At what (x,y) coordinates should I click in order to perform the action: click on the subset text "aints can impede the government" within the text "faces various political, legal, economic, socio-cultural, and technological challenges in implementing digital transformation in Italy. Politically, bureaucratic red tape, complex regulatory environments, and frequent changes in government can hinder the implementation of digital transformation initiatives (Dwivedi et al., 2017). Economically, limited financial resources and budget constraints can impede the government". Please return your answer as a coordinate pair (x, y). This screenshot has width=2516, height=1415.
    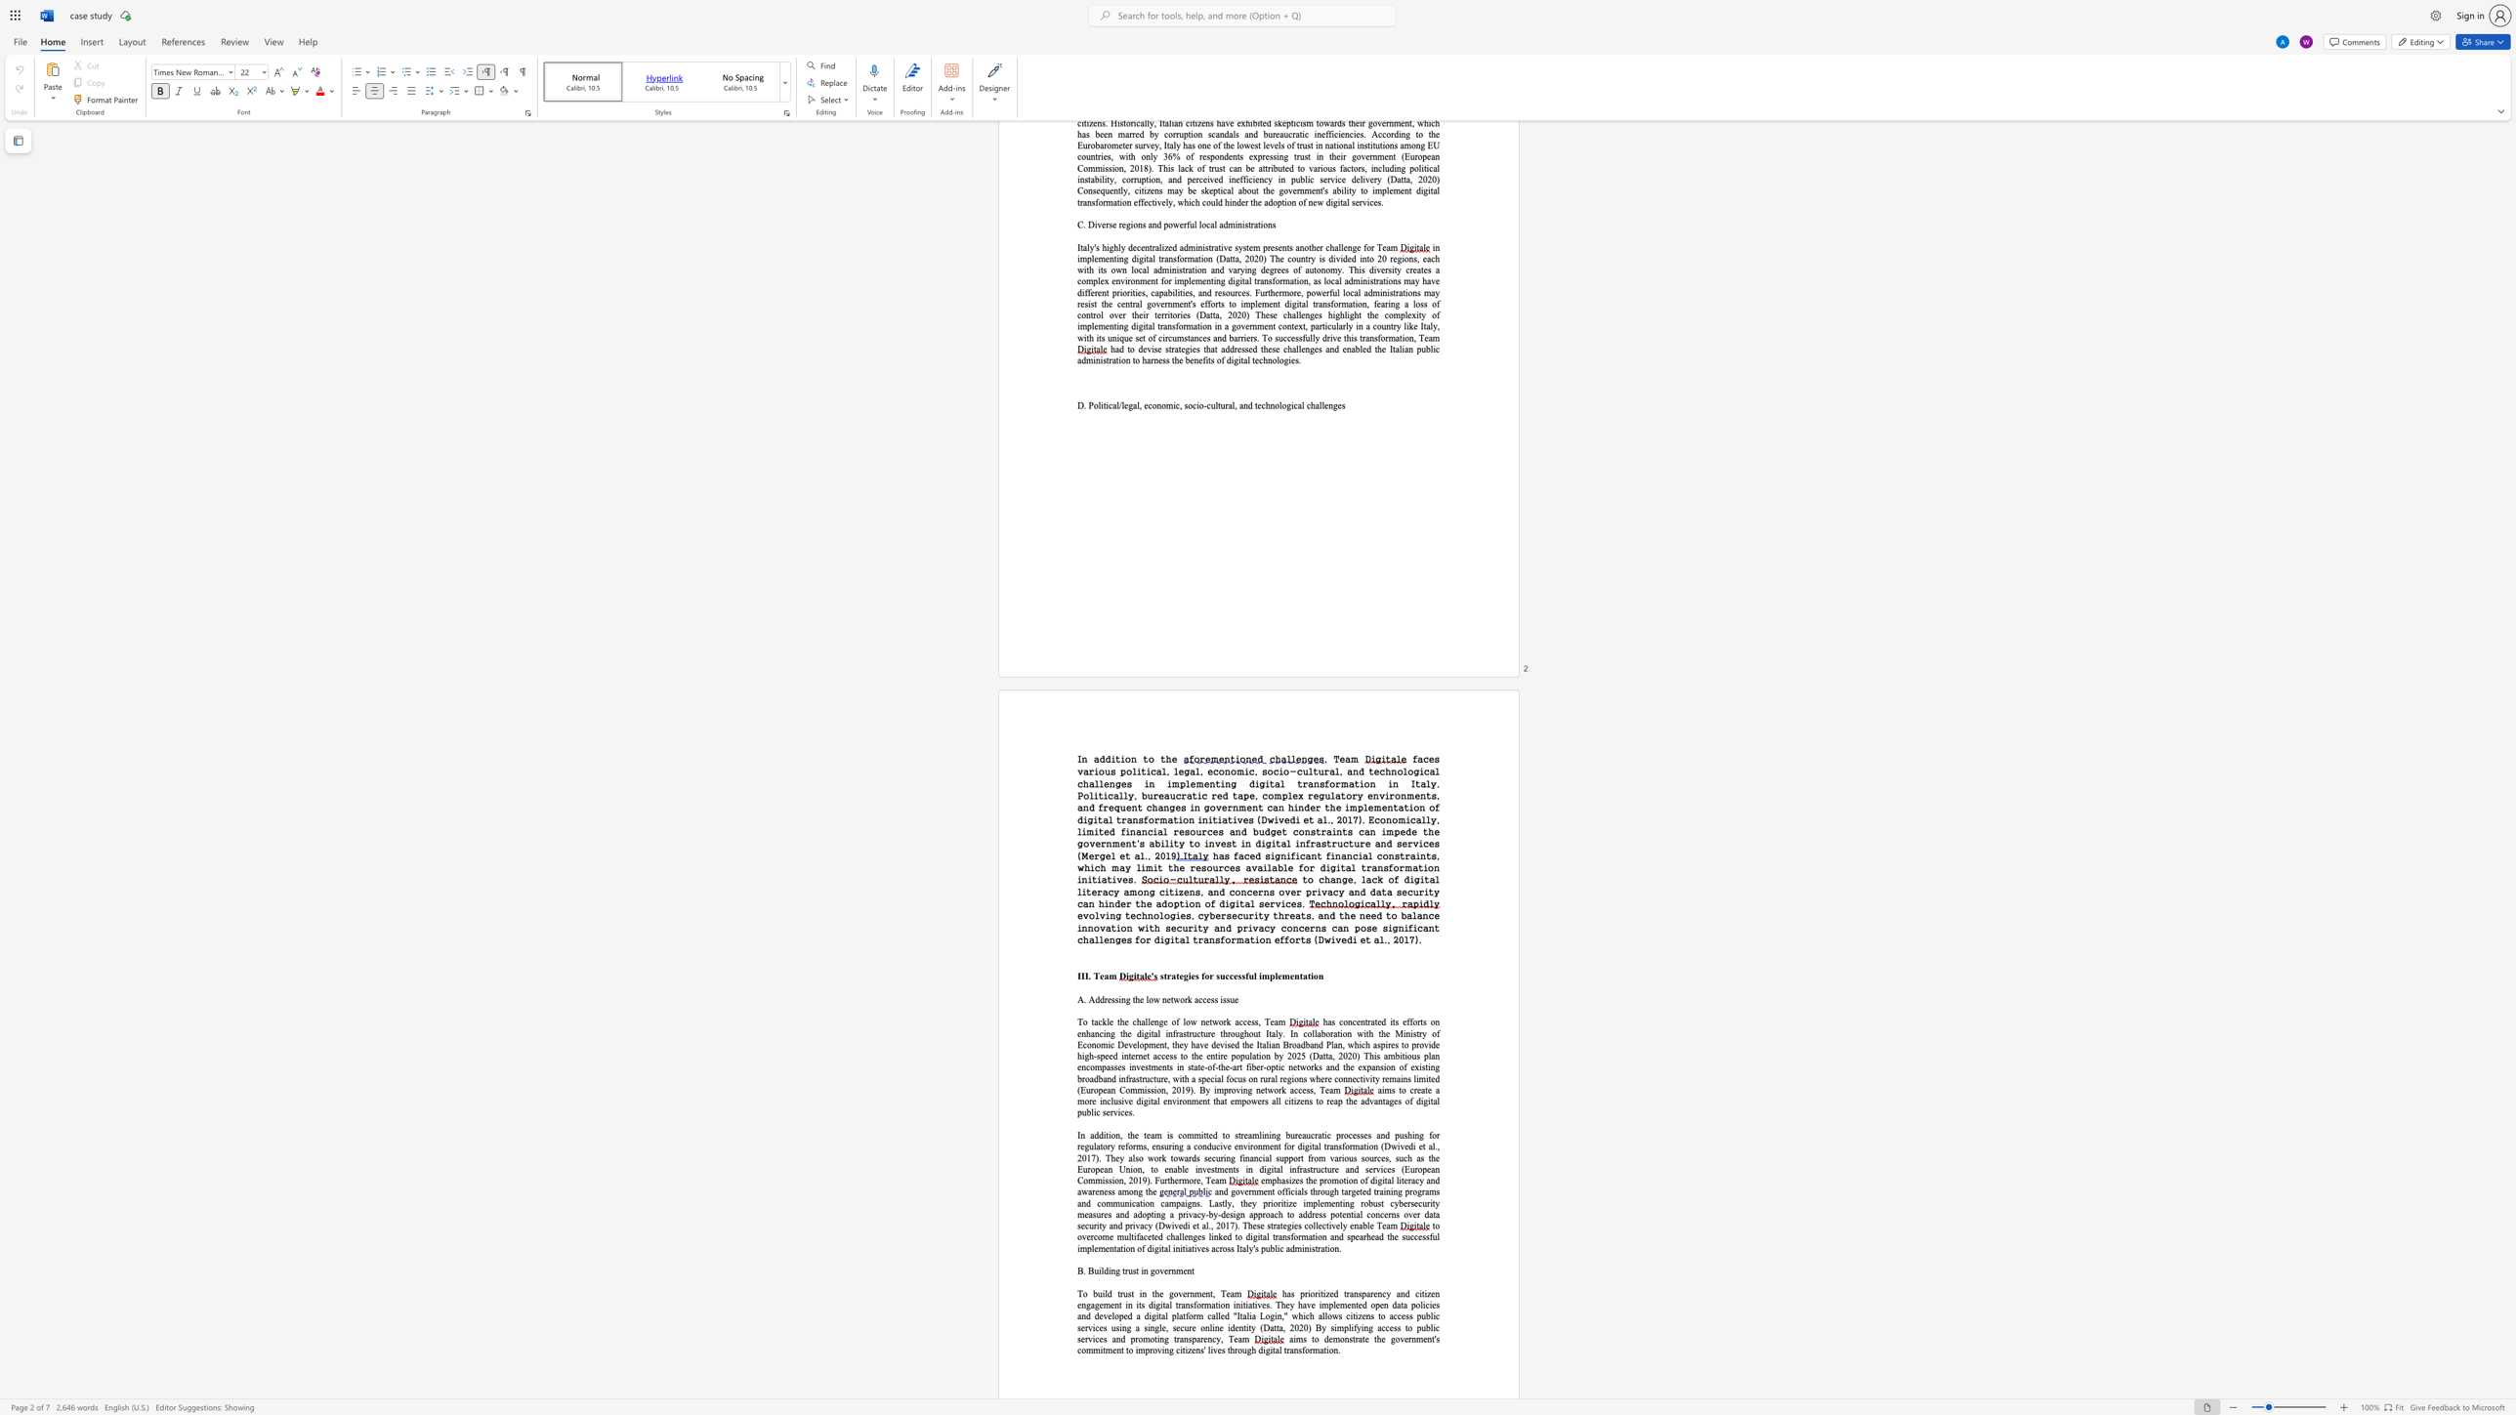
    Looking at the image, I should click on (1325, 831).